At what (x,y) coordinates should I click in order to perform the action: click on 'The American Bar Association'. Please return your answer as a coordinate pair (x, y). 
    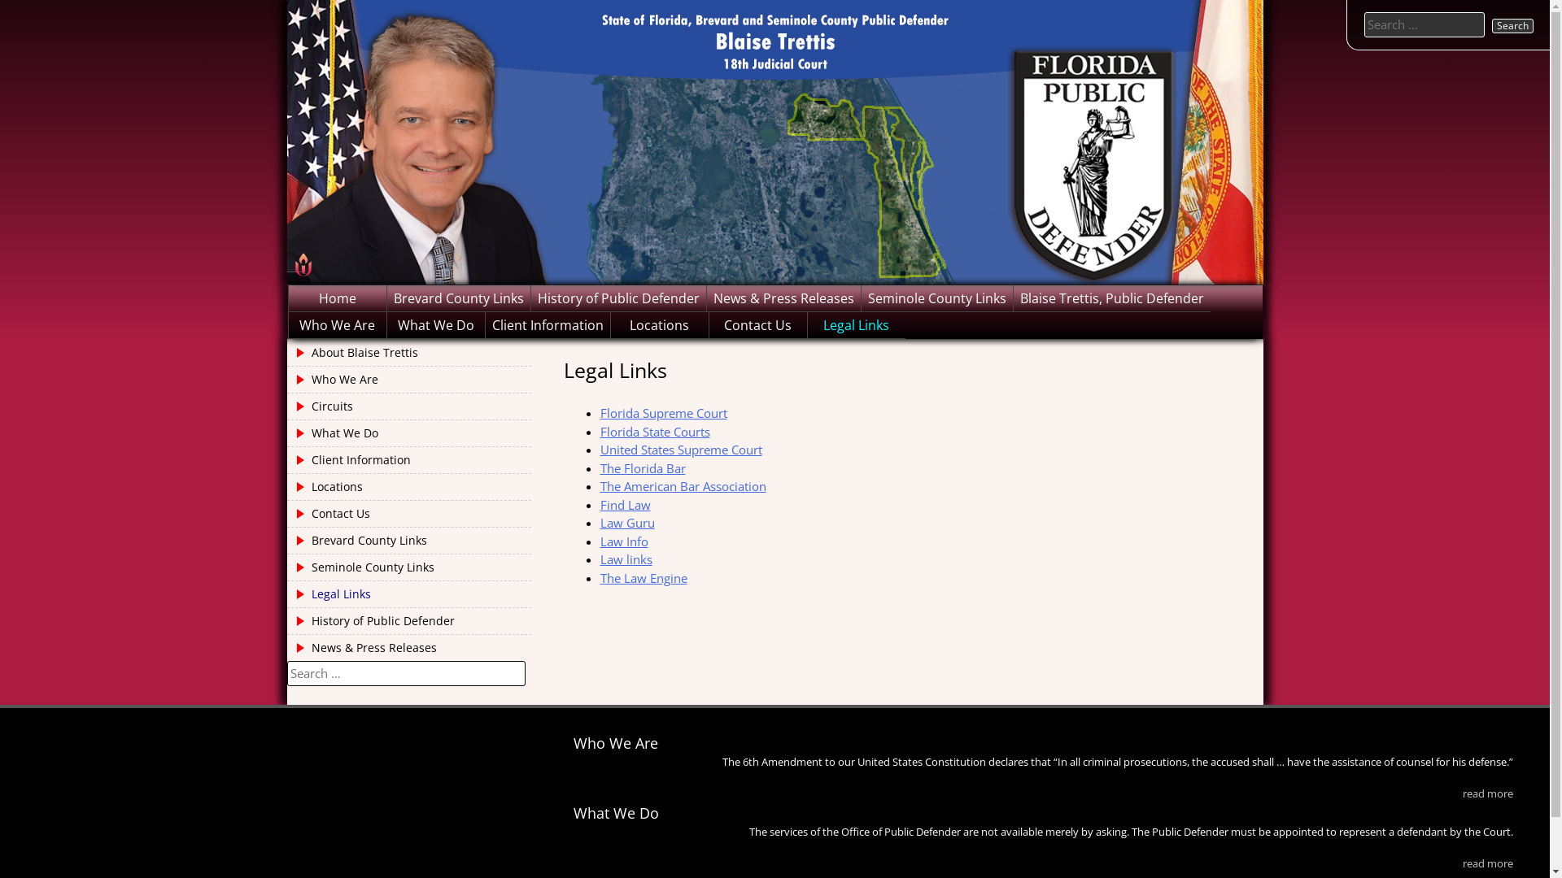
    Looking at the image, I should click on (683, 485).